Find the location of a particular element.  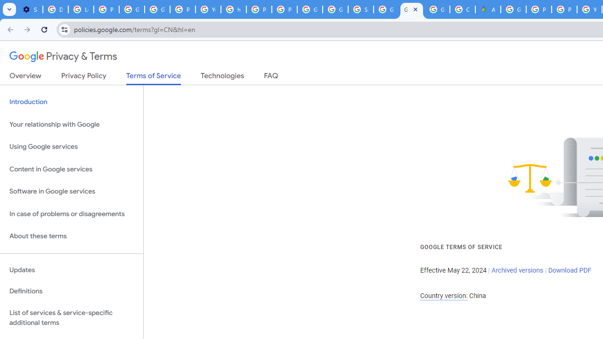

'Software in Google services' is located at coordinates (71, 191).